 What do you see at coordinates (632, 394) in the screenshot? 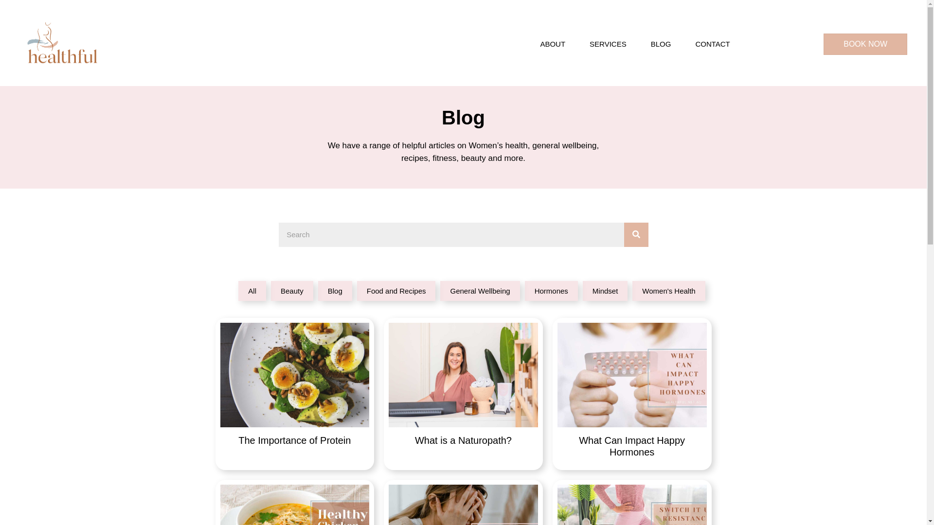
I see `'What Can Impact Happy Hormones'` at bounding box center [632, 394].